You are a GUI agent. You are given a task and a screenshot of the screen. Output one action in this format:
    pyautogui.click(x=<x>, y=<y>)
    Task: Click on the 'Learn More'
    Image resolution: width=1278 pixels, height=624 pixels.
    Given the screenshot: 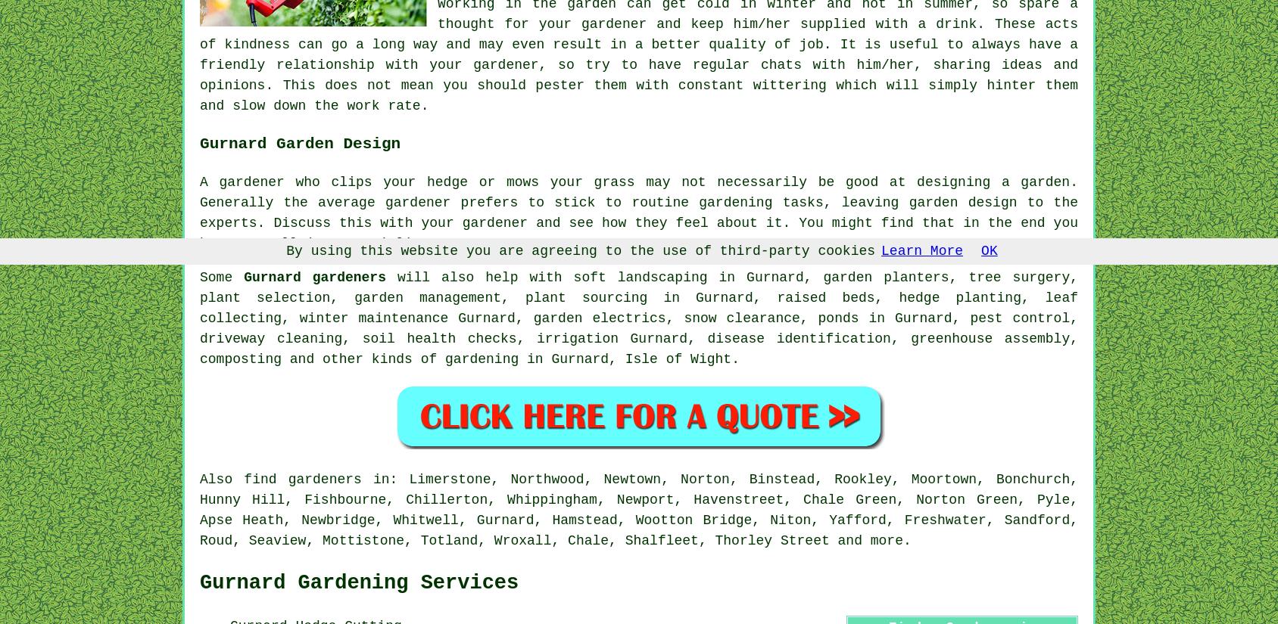 What is the action you would take?
    pyautogui.click(x=922, y=250)
    